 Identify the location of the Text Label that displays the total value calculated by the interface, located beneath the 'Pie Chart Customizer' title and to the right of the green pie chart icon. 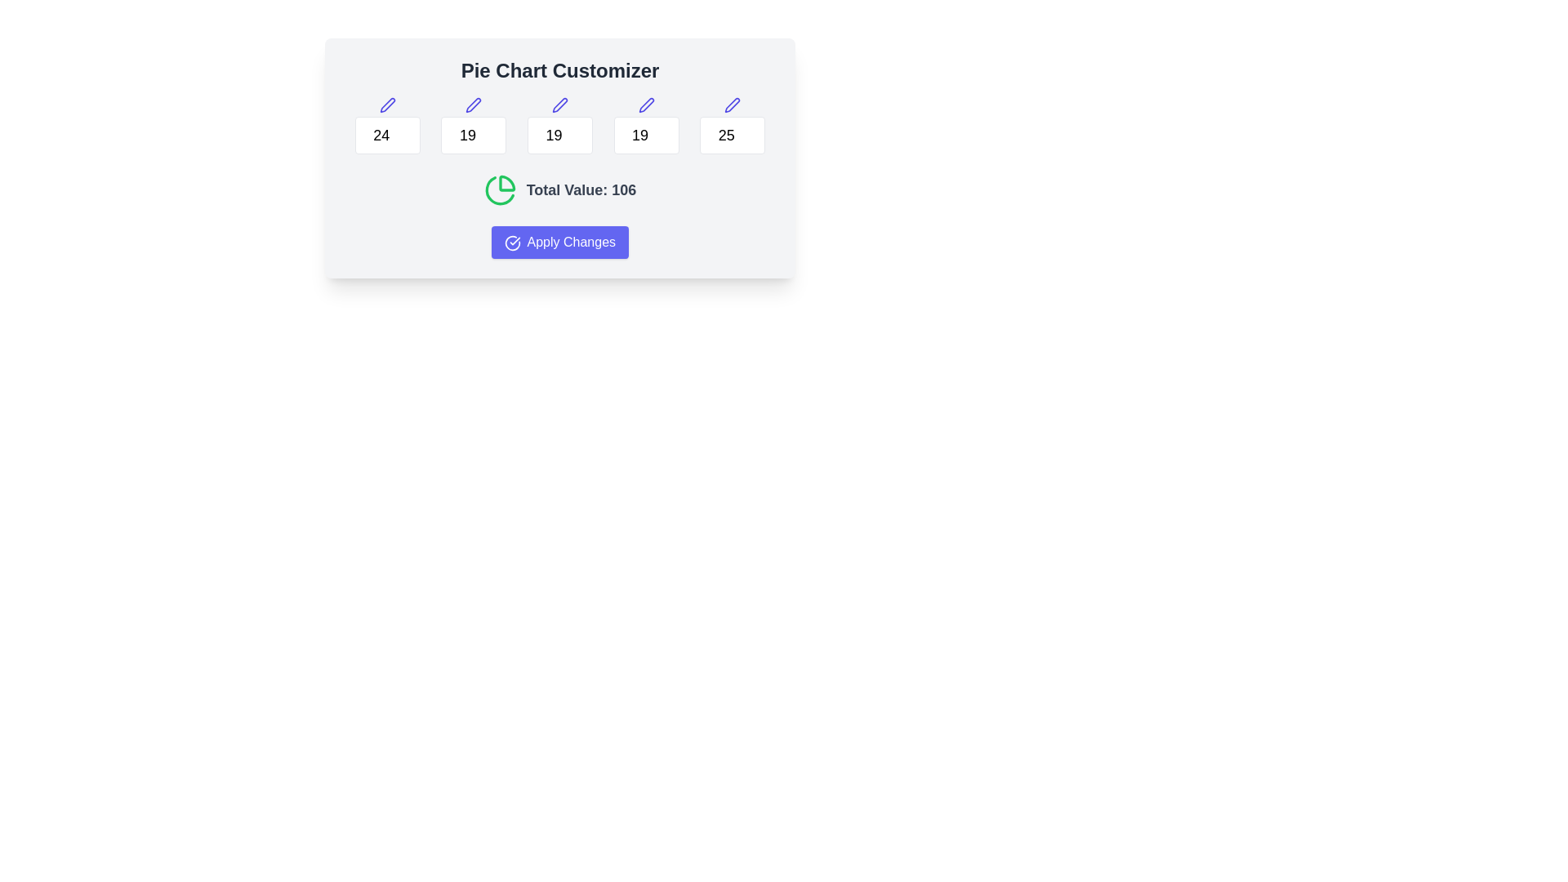
(581, 189).